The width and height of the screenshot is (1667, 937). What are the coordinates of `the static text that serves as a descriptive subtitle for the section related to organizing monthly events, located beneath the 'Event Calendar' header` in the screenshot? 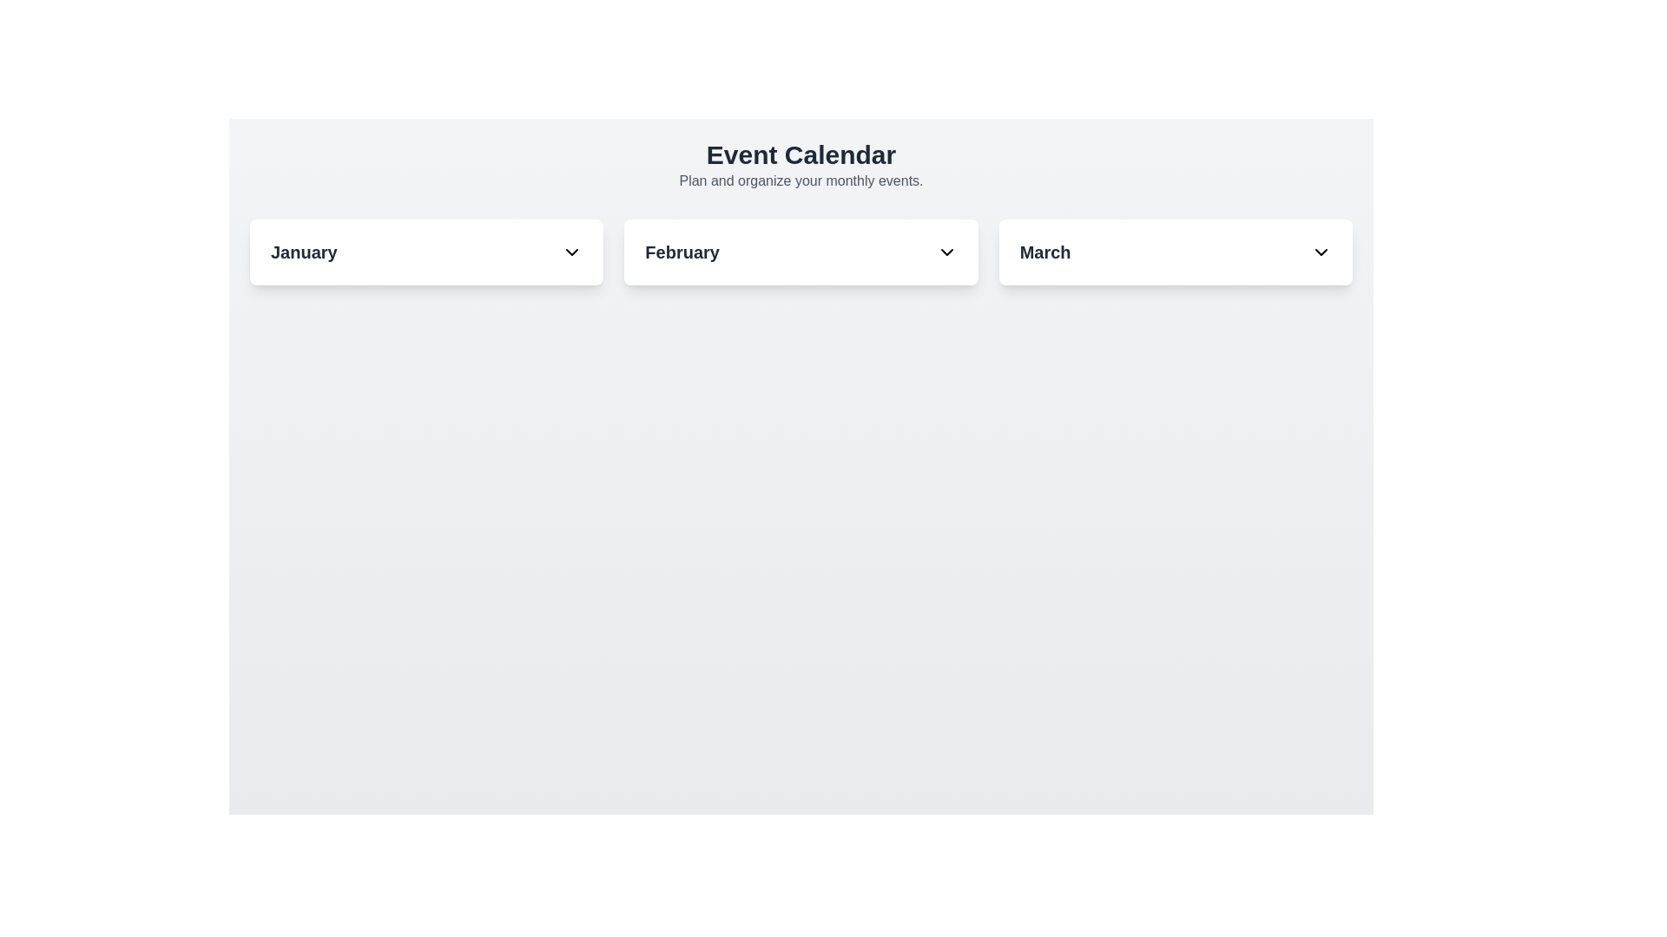 It's located at (800, 180).